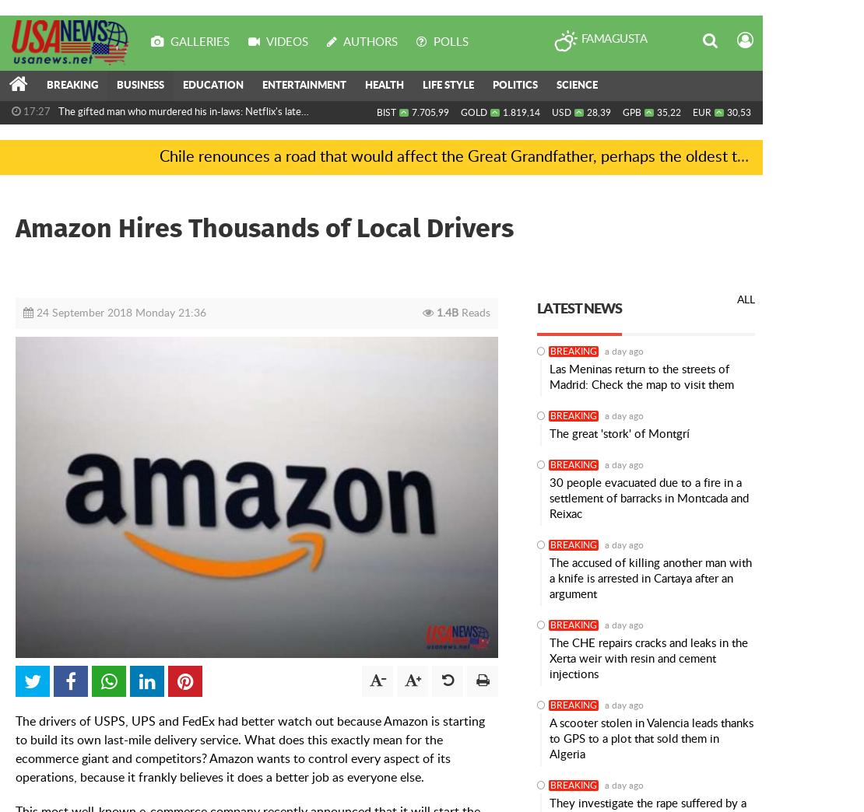 Image resolution: width=864 pixels, height=812 pixels. I want to click on 'Famagusta', so click(613, 38).